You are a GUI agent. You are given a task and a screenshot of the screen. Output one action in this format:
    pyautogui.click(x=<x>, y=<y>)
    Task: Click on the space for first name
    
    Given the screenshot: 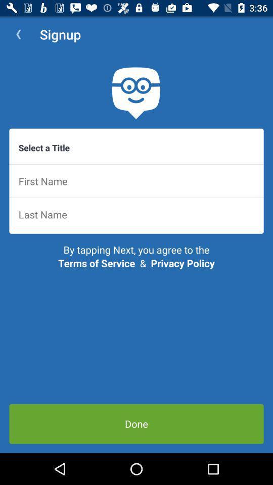 What is the action you would take?
    pyautogui.click(x=136, y=181)
    